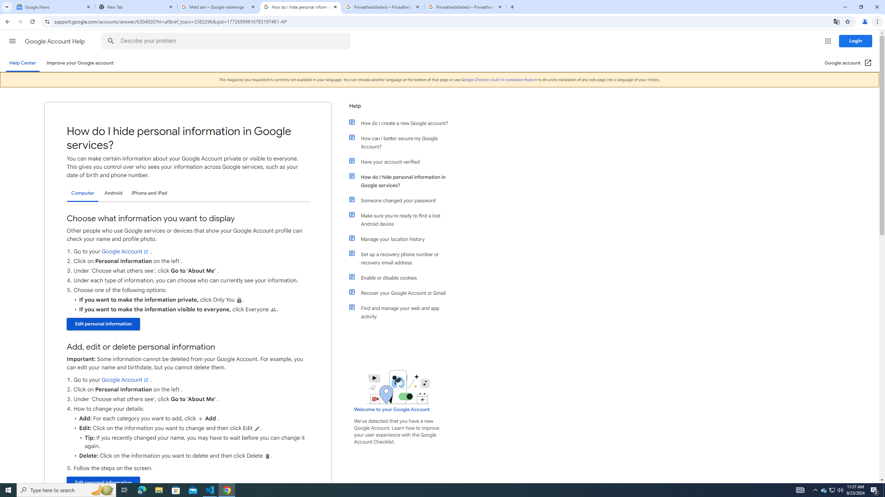 Image resolution: width=885 pixels, height=497 pixels. I want to click on 'Someone changed your password', so click(402, 201).